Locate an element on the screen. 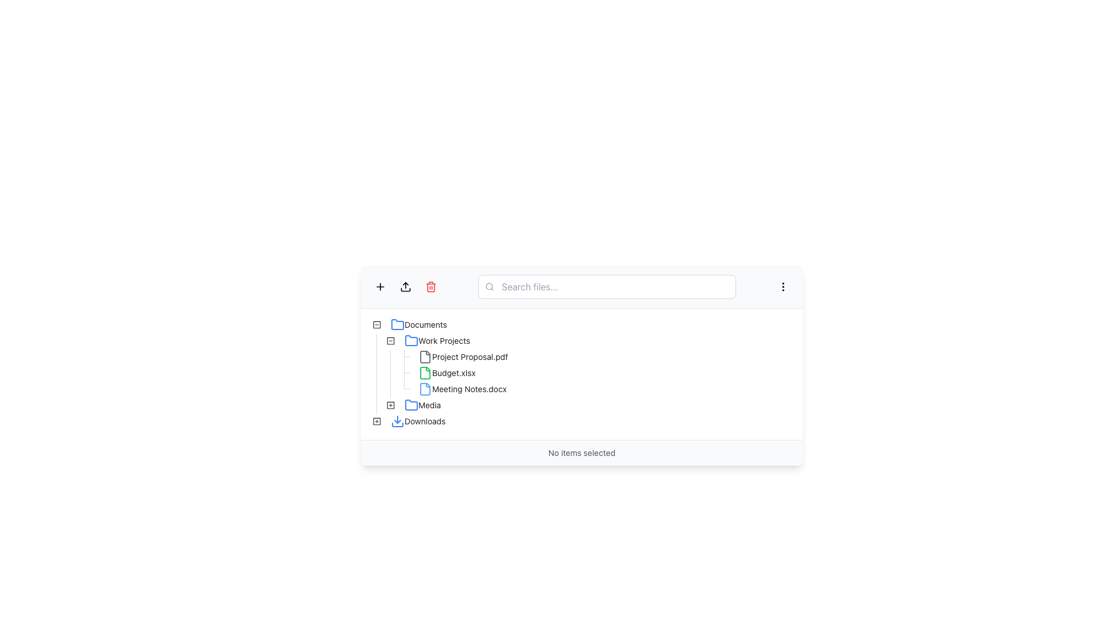  the Interactive icon (expand/collapse button) next to the 'Downloads' folder entry in the hierarchical file tree structure is located at coordinates (376, 421).